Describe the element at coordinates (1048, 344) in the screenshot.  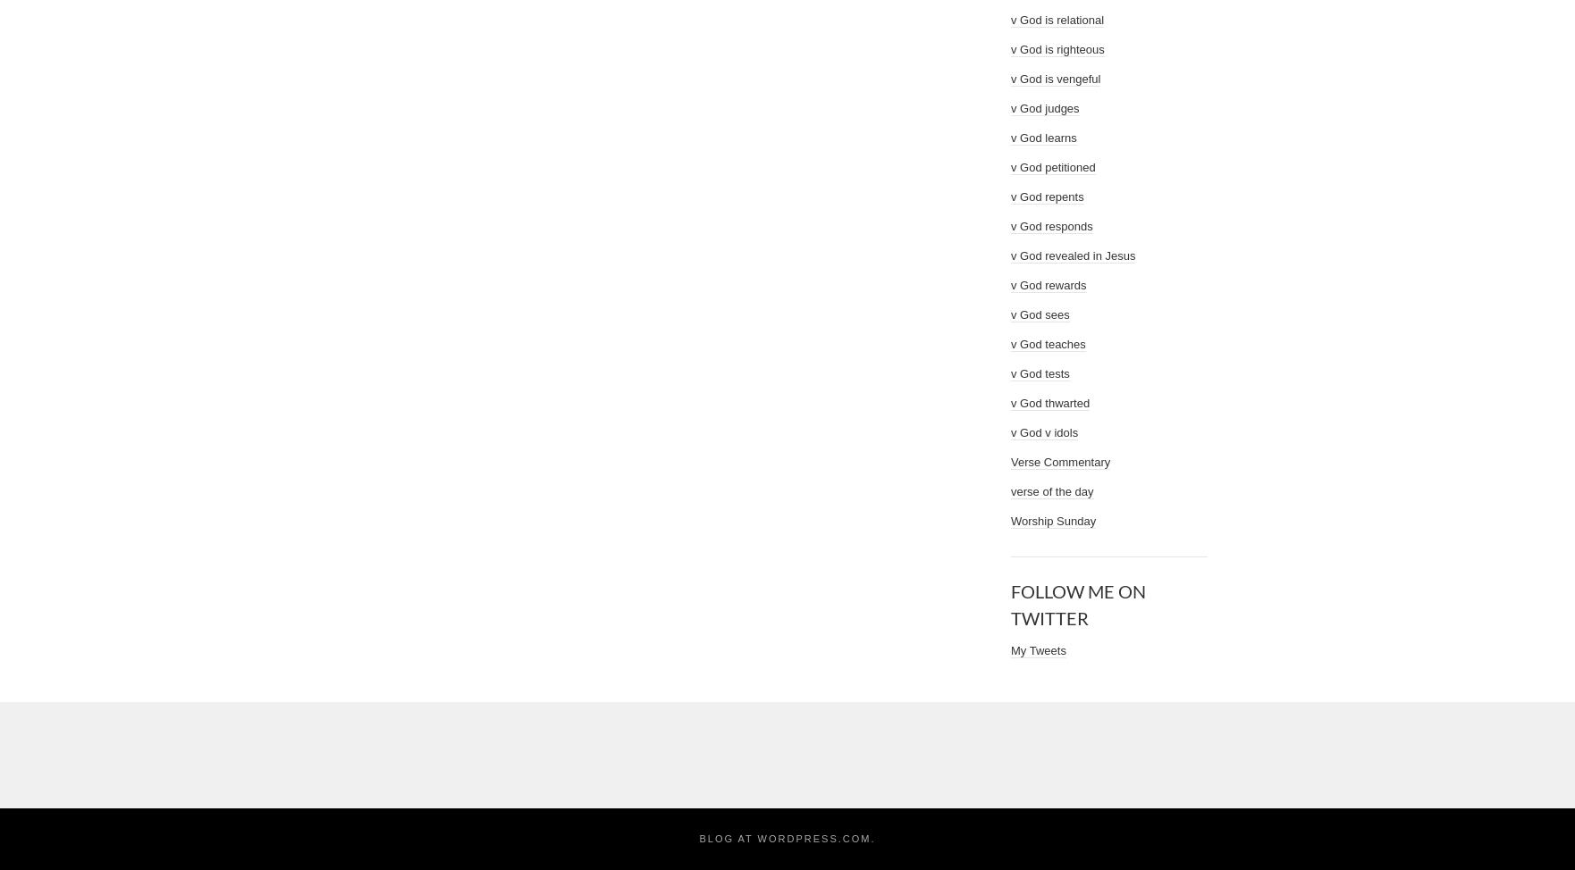
I see `'v God teaches'` at that location.